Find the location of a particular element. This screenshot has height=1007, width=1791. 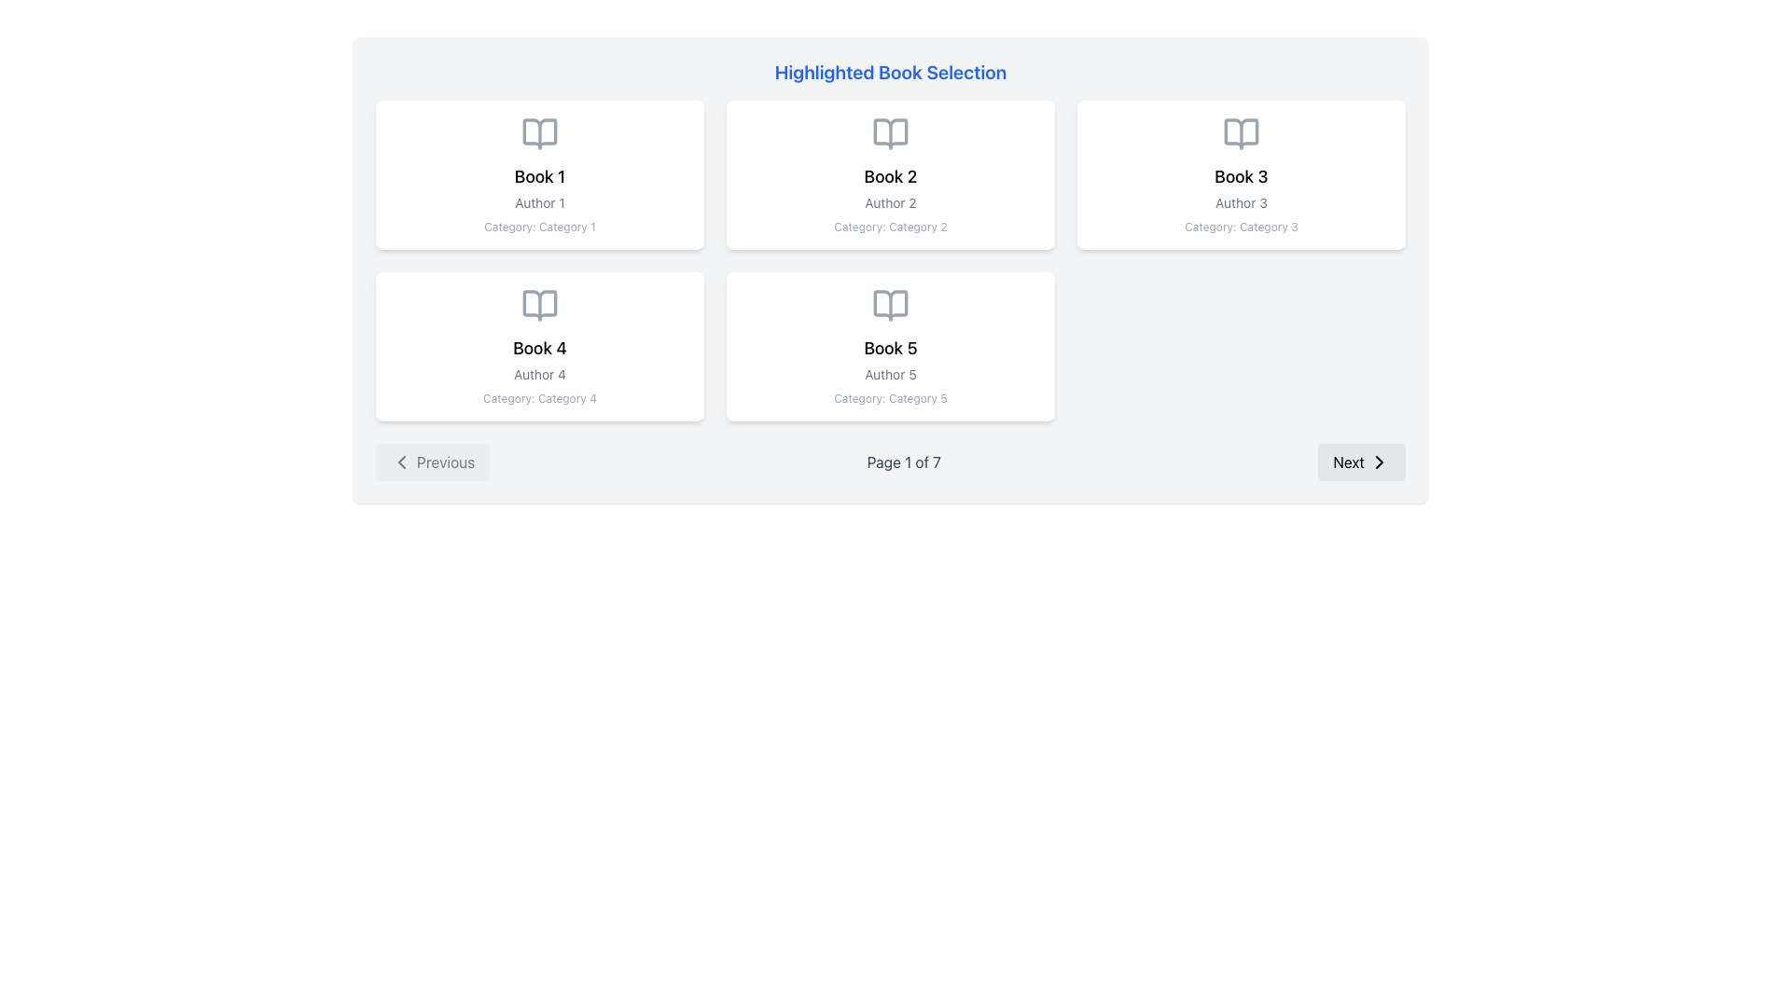

the stylized icon representing an open book with a gray-toned outline, located at the top center of the card displaying details about 'Book 2' is located at coordinates (890, 132).